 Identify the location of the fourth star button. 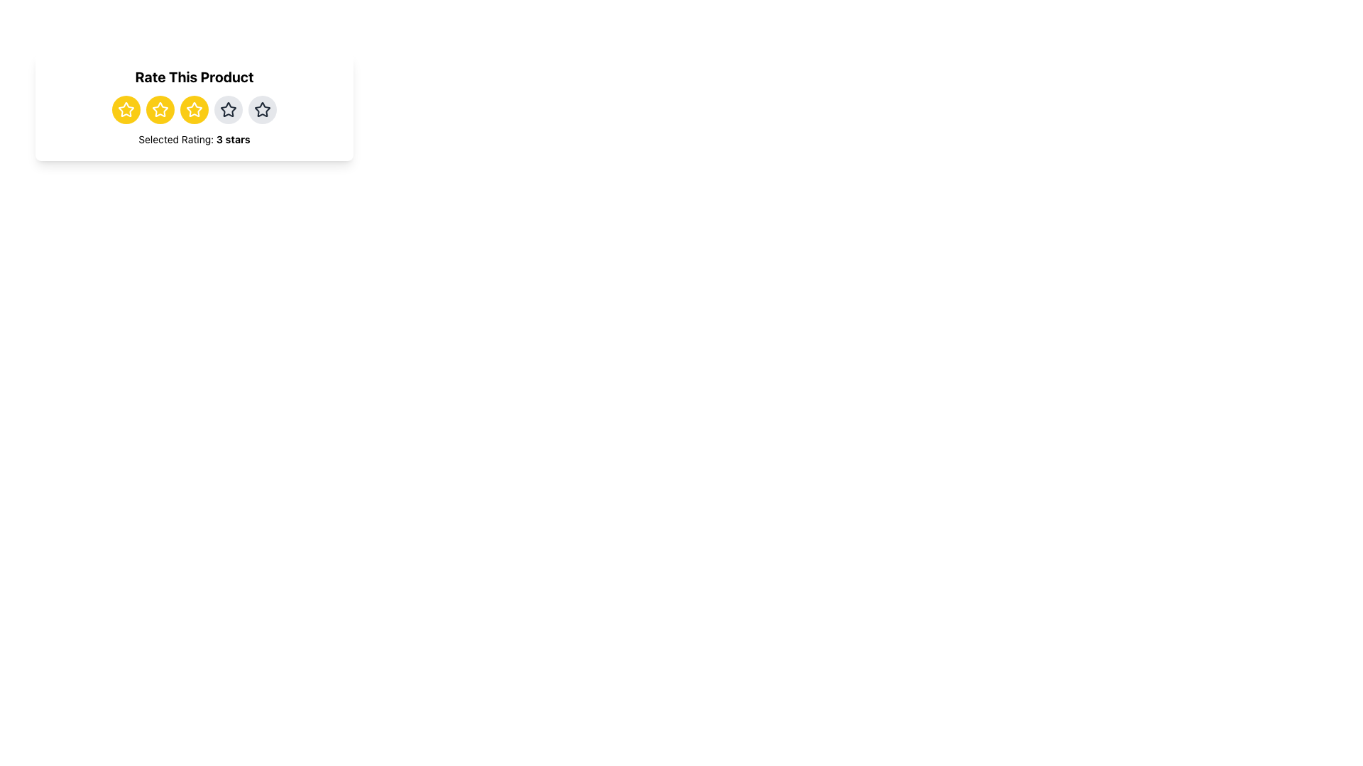
(228, 109).